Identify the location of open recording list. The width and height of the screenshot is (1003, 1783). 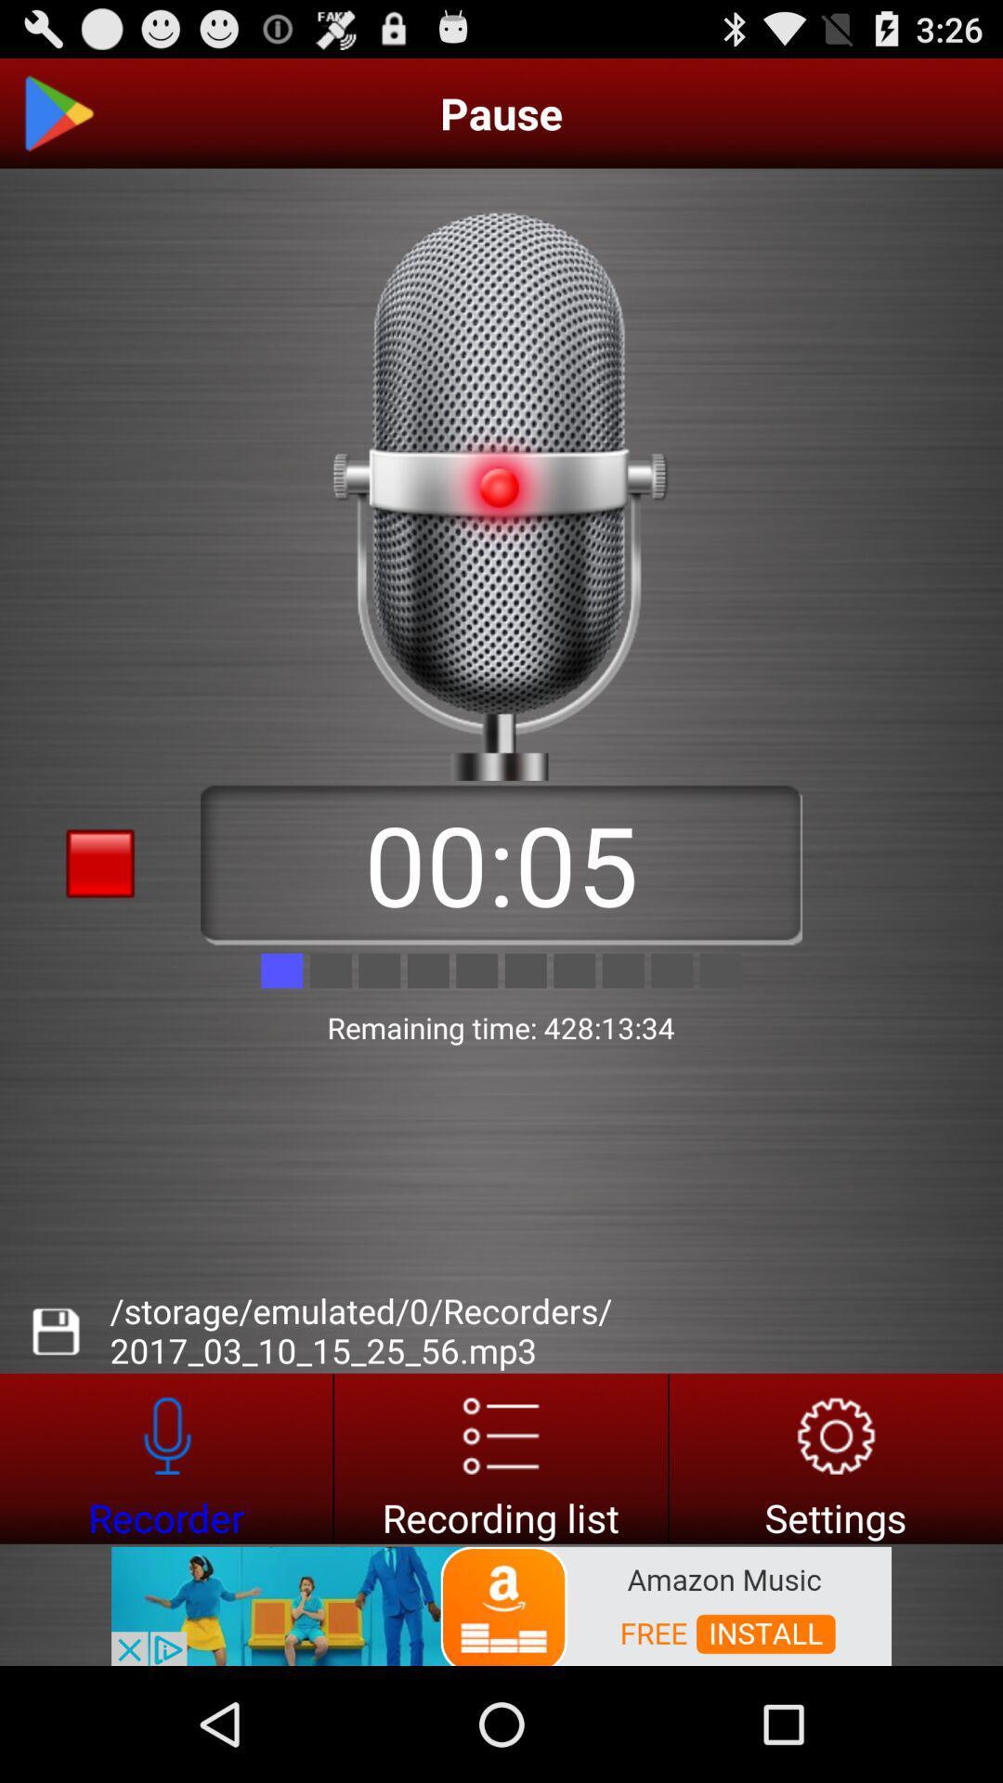
(500, 1457).